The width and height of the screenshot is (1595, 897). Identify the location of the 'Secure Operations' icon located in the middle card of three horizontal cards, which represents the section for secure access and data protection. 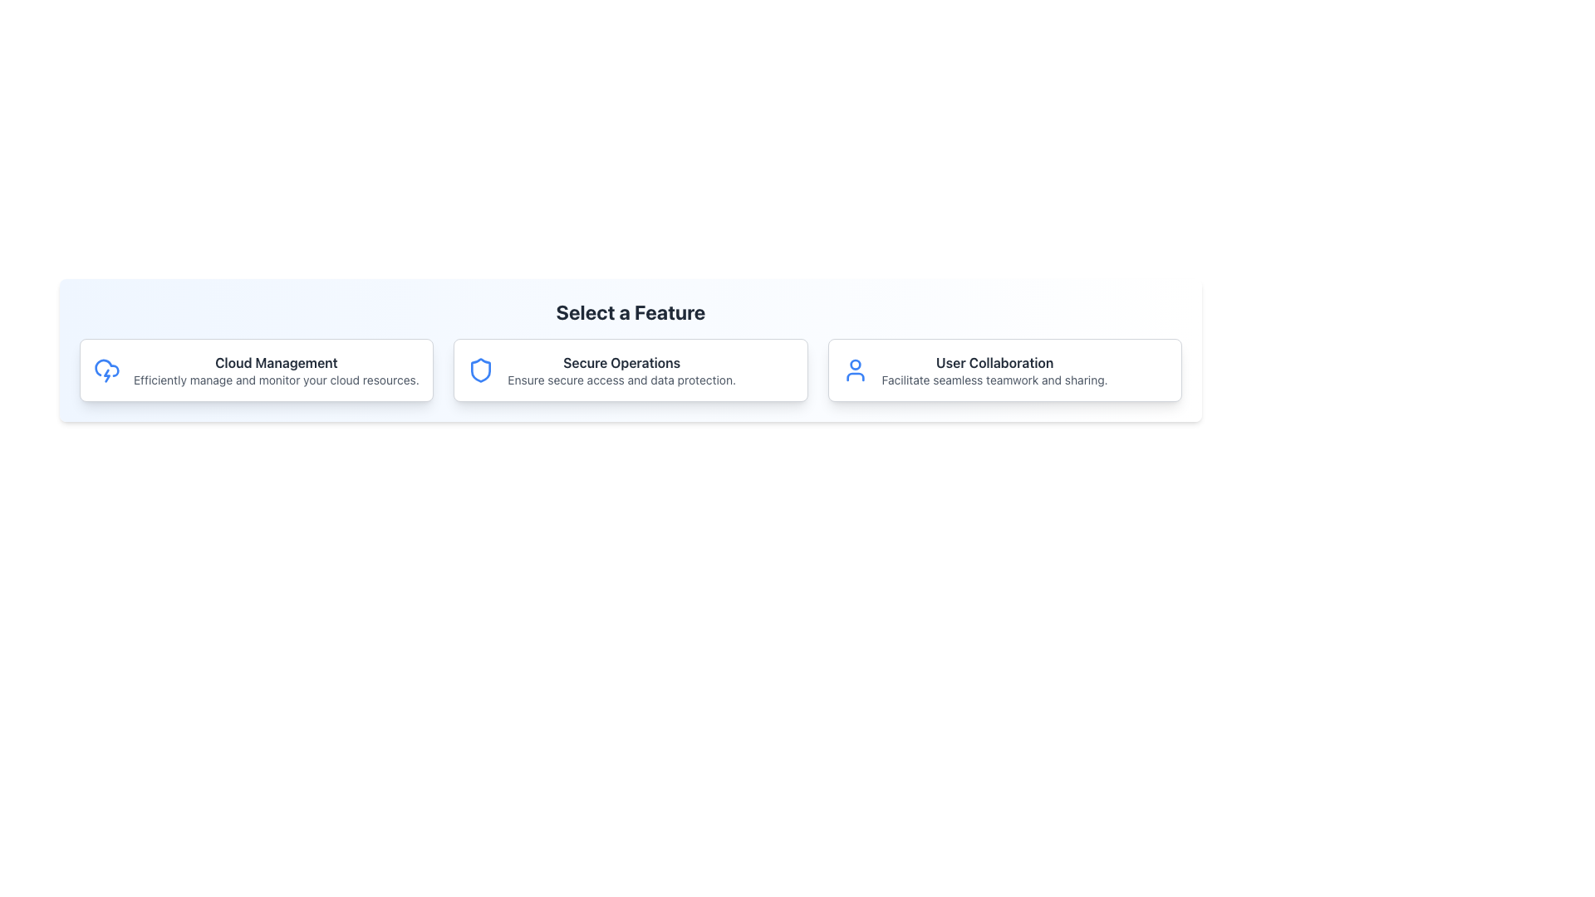
(480, 369).